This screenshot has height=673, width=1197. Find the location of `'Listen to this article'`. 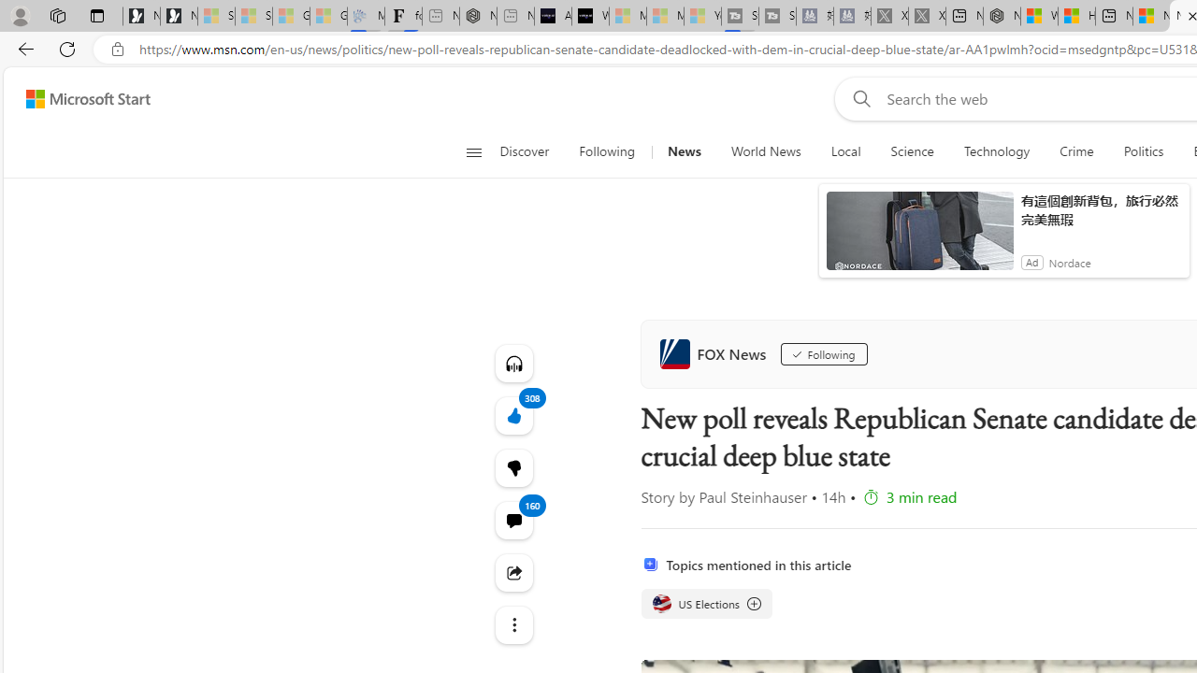

'Listen to this article' is located at coordinates (513, 363).